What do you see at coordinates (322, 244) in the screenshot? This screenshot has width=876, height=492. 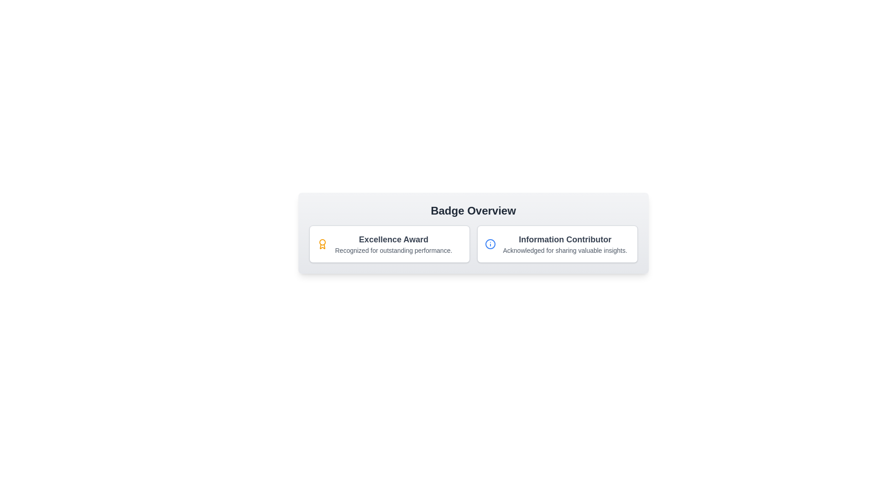 I see `the excellence icon, which is the leftmost visual component in the 'Excellence Award' section, adjacent to the descriptive text and title` at bounding box center [322, 244].